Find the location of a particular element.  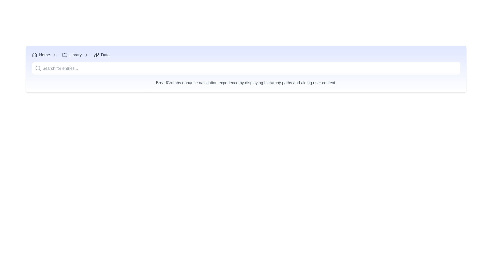

'Library' text label in the breadcrumb navigation to understand its context and functionality is located at coordinates (75, 55).